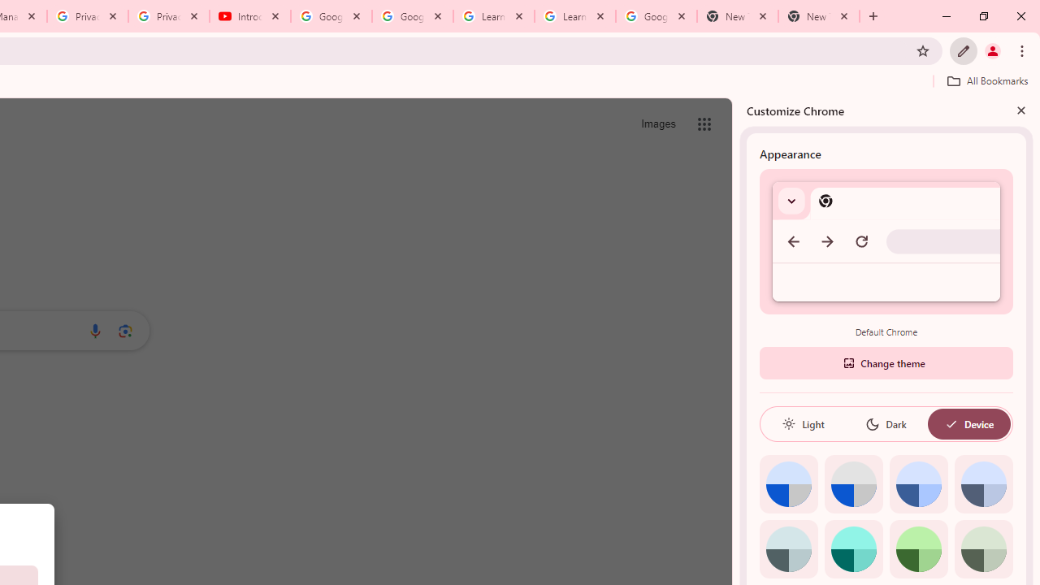 This screenshot has height=585, width=1040. I want to click on 'Cool grey', so click(982, 483).